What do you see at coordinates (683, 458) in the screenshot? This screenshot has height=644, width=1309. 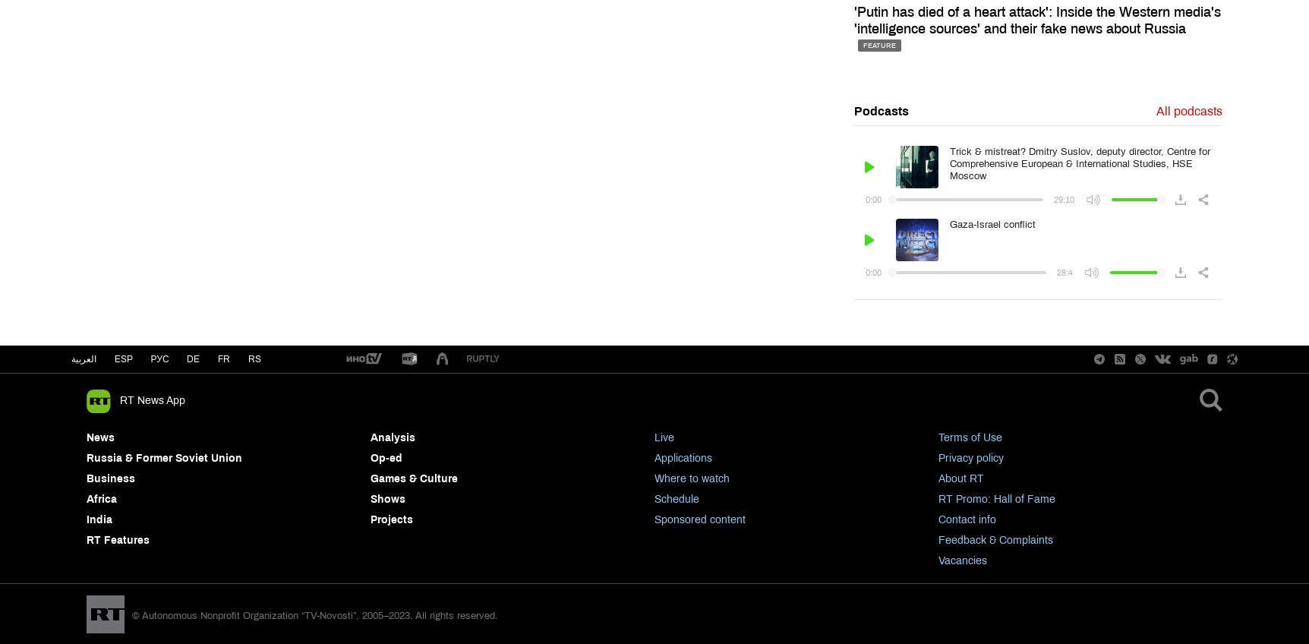 I see `'Applications'` at bounding box center [683, 458].